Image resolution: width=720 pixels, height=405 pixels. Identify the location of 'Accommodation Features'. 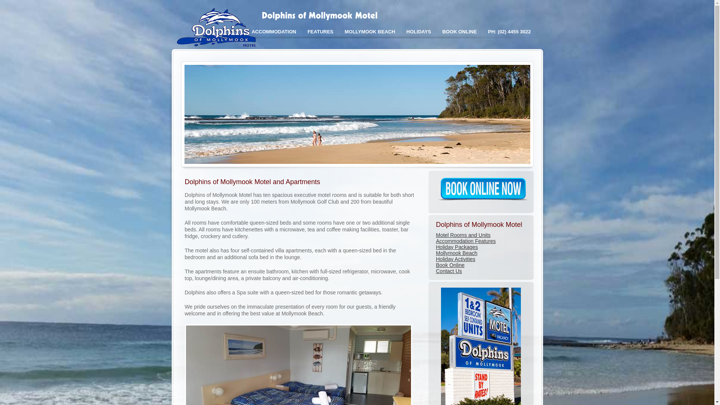
(465, 241).